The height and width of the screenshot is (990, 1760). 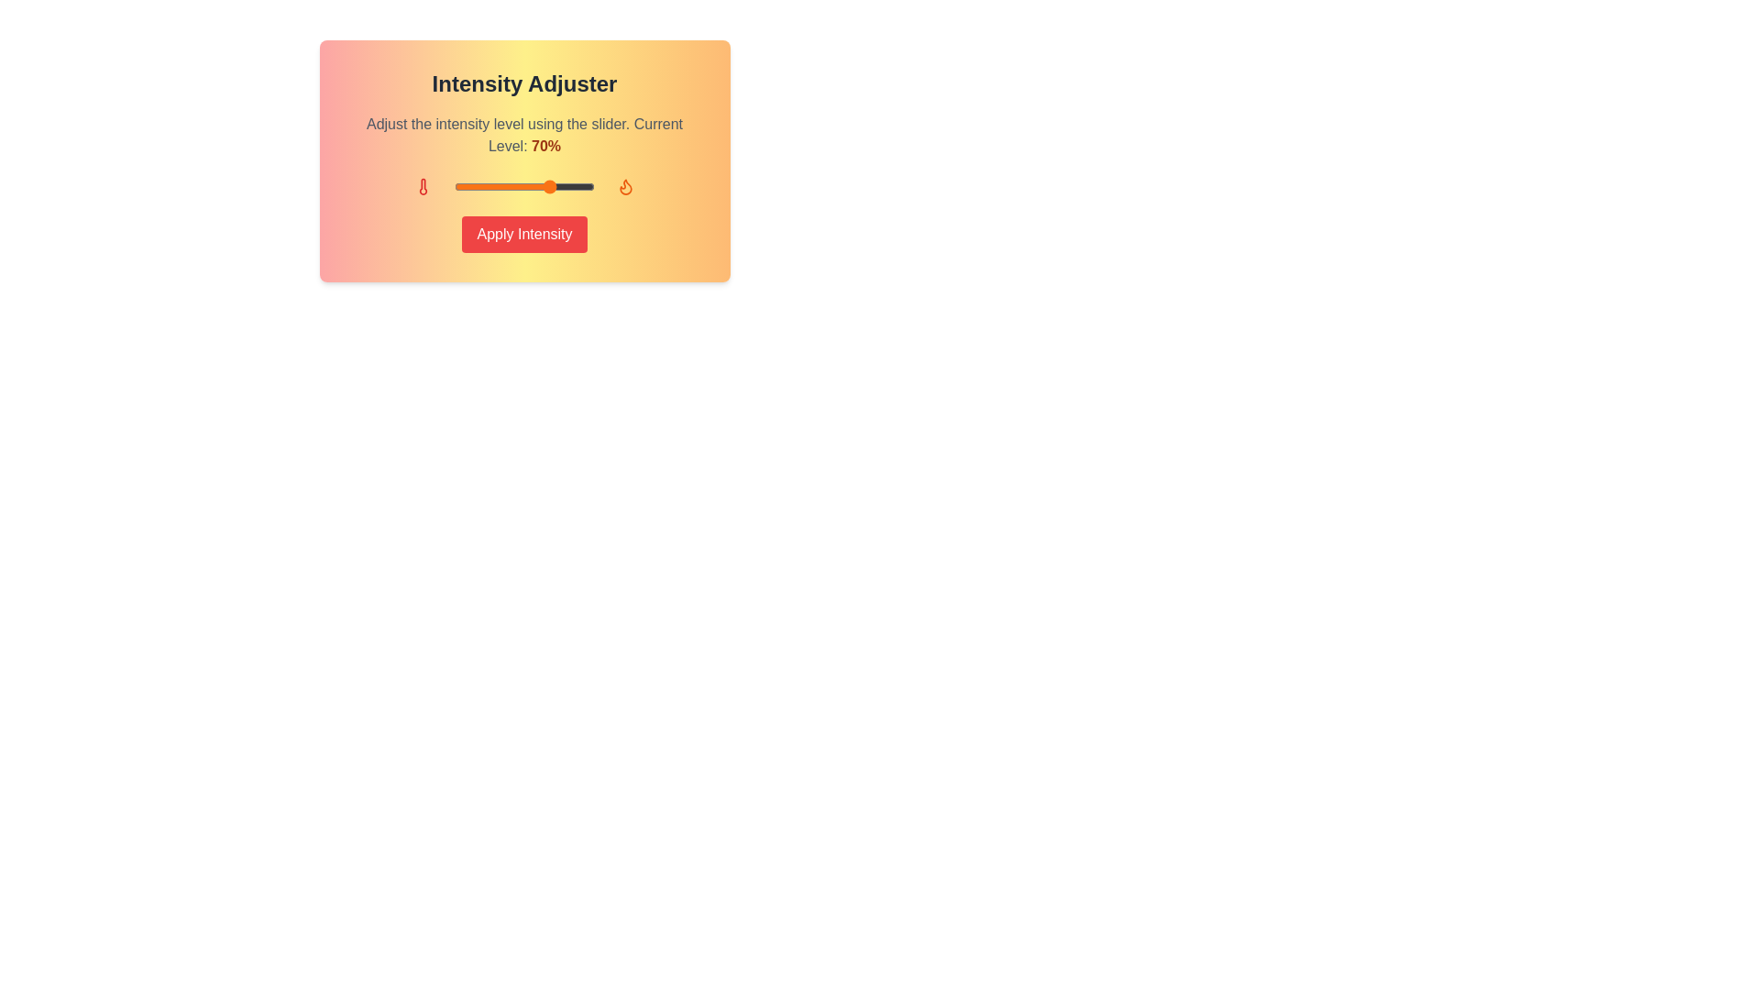 What do you see at coordinates (588, 187) in the screenshot?
I see `the intensity slider to 95%` at bounding box center [588, 187].